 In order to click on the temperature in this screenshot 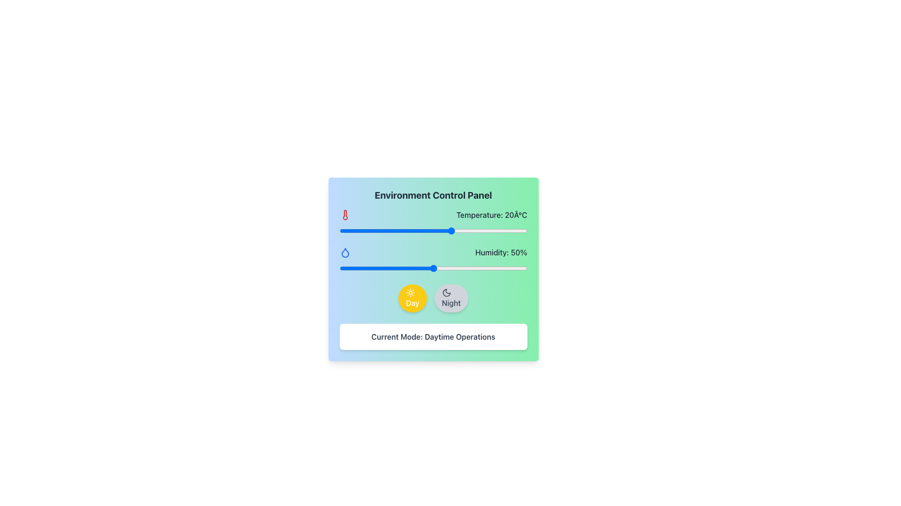, I will do `click(407, 231)`.